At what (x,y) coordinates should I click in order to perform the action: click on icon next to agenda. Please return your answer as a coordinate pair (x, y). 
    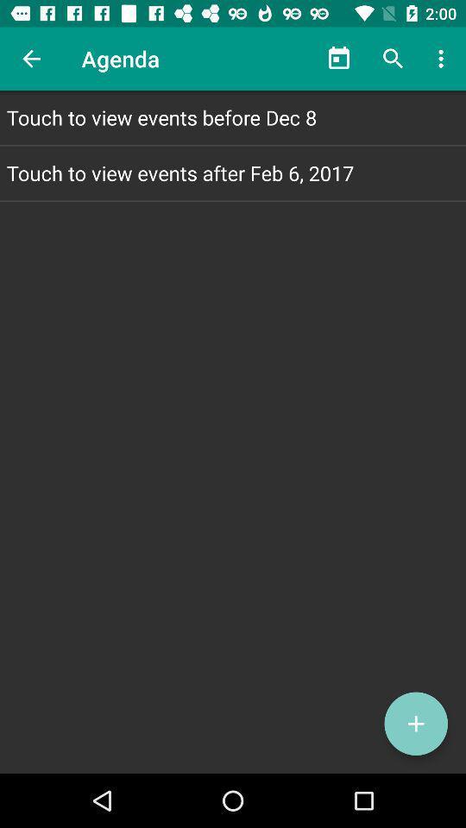
    Looking at the image, I should click on (339, 59).